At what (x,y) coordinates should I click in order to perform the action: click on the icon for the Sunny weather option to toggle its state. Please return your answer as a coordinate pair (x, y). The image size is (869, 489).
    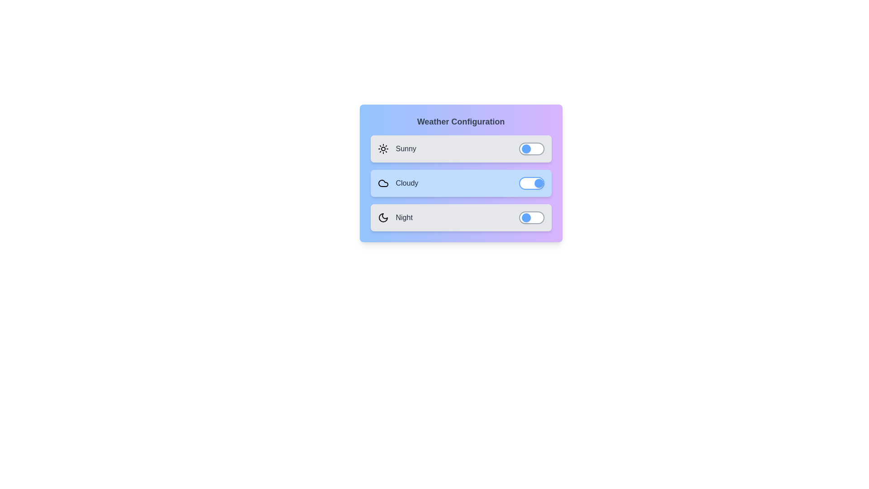
    Looking at the image, I should click on (383, 148).